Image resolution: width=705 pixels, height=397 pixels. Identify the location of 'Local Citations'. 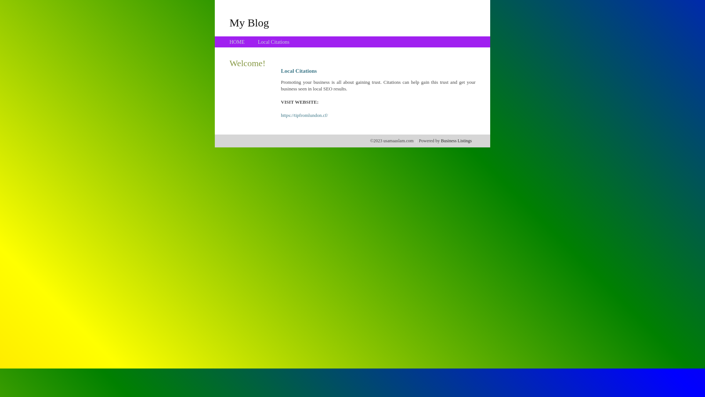
(273, 42).